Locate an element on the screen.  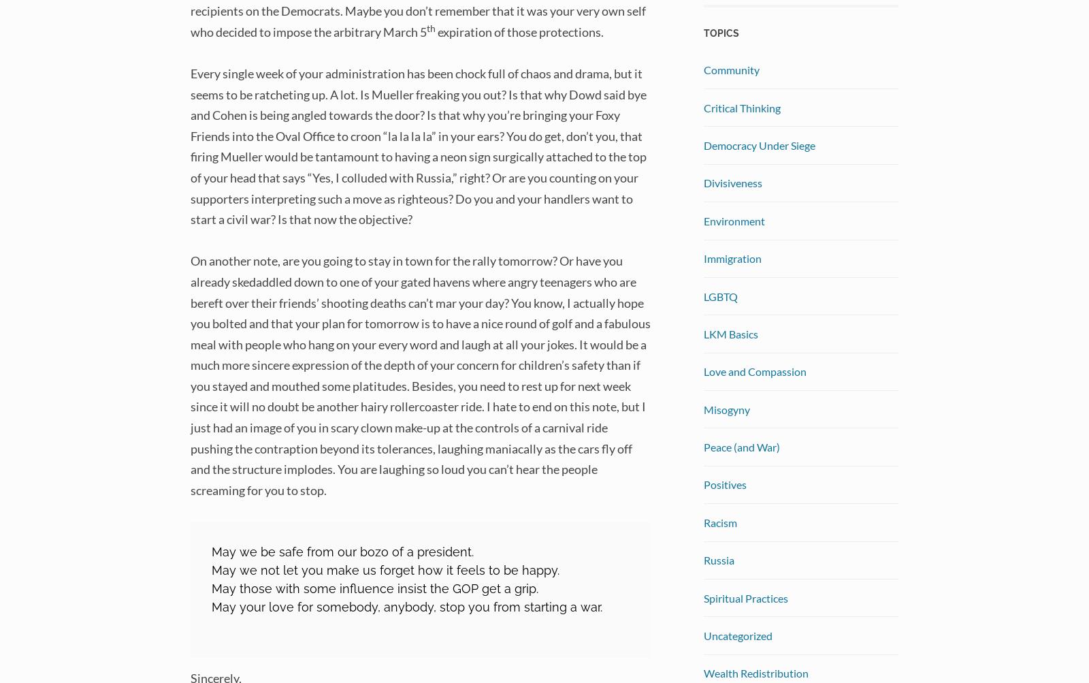
'Community' is located at coordinates (703, 69).